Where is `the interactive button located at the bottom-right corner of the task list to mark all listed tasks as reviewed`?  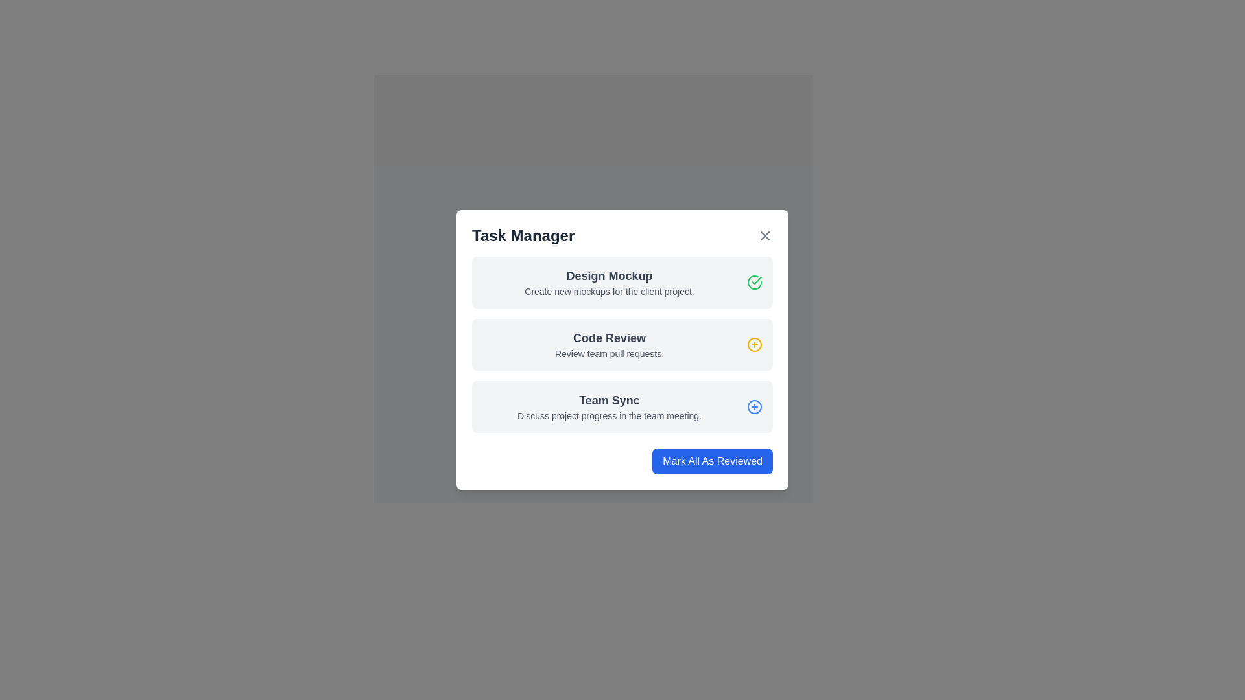
the interactive button located at the bottom-right corner of the task list to mark all listed tasks as reviewed is located at coordinates (622, 461).